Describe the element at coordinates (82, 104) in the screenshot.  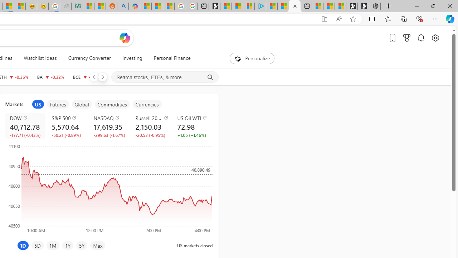
I see `'item3'` at that location.